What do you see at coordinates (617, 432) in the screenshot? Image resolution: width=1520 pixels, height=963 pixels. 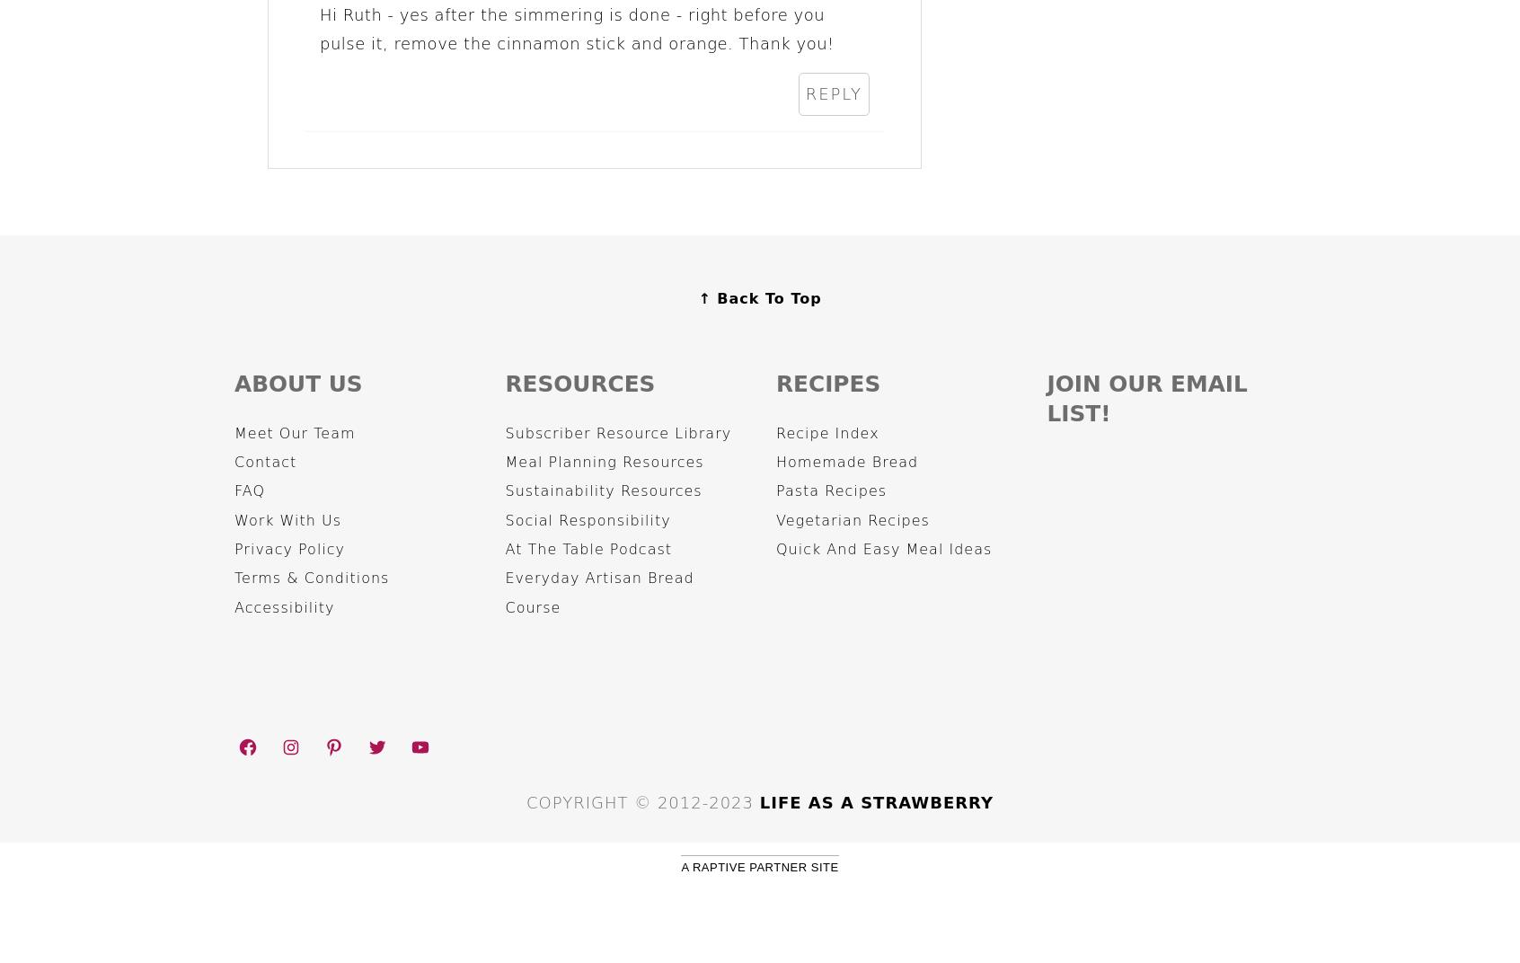 I see `'Subscriber Resource Library'` at bounding box center [617, 432].